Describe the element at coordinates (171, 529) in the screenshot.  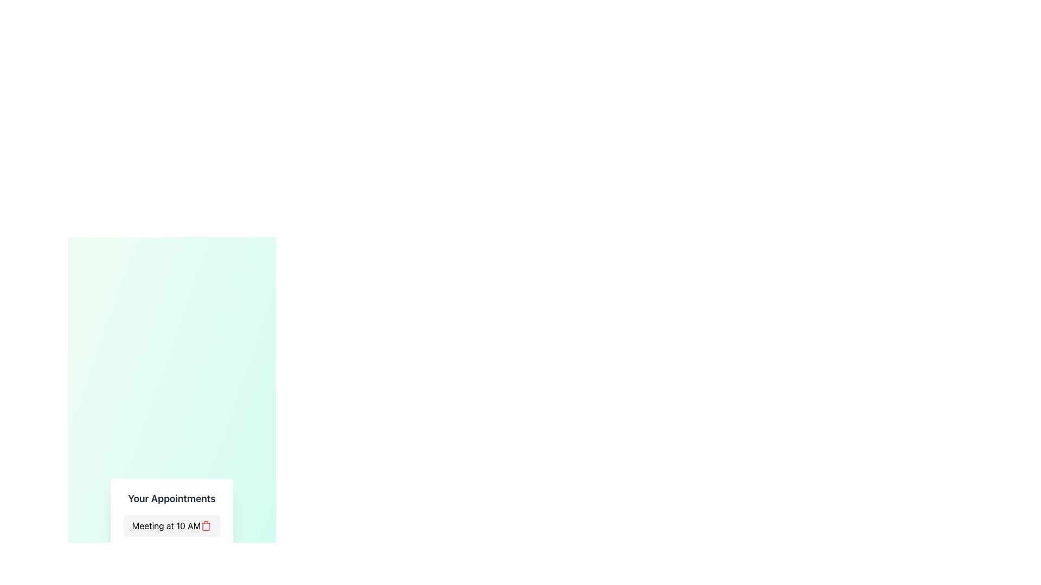
I see `the trash icon within the 'Meeting at 10 AM' text block` at that location.